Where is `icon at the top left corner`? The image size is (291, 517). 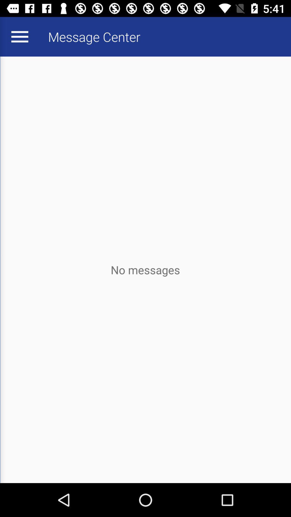
icon at the top left corner is located at coordinates (19, 36).